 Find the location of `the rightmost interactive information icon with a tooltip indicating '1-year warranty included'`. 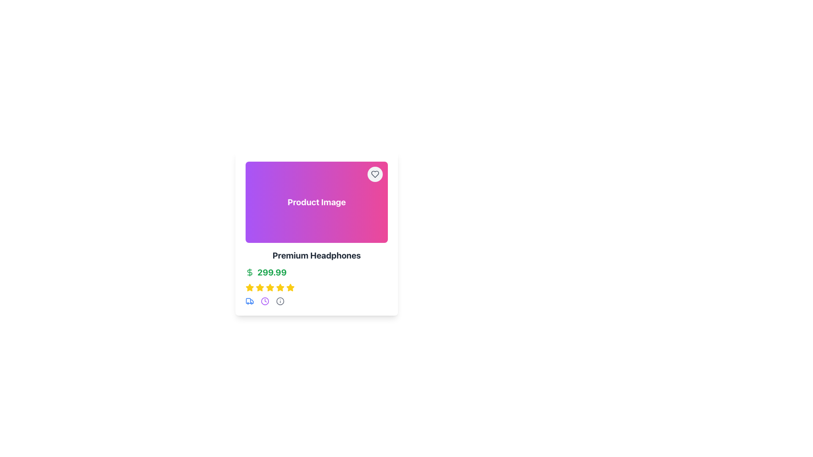

the rightmost interactive information icon with a tooltip indicating '1-year warranty included' is located at coordinates (280, 301).